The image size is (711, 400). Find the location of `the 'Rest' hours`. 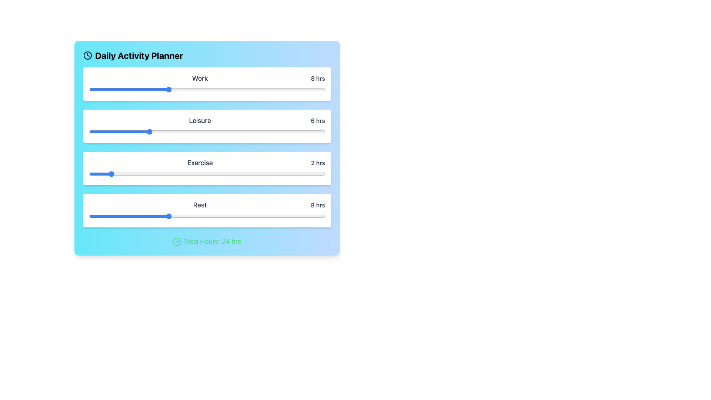

the 'Rest' hours is located at coordinates (177, 216).